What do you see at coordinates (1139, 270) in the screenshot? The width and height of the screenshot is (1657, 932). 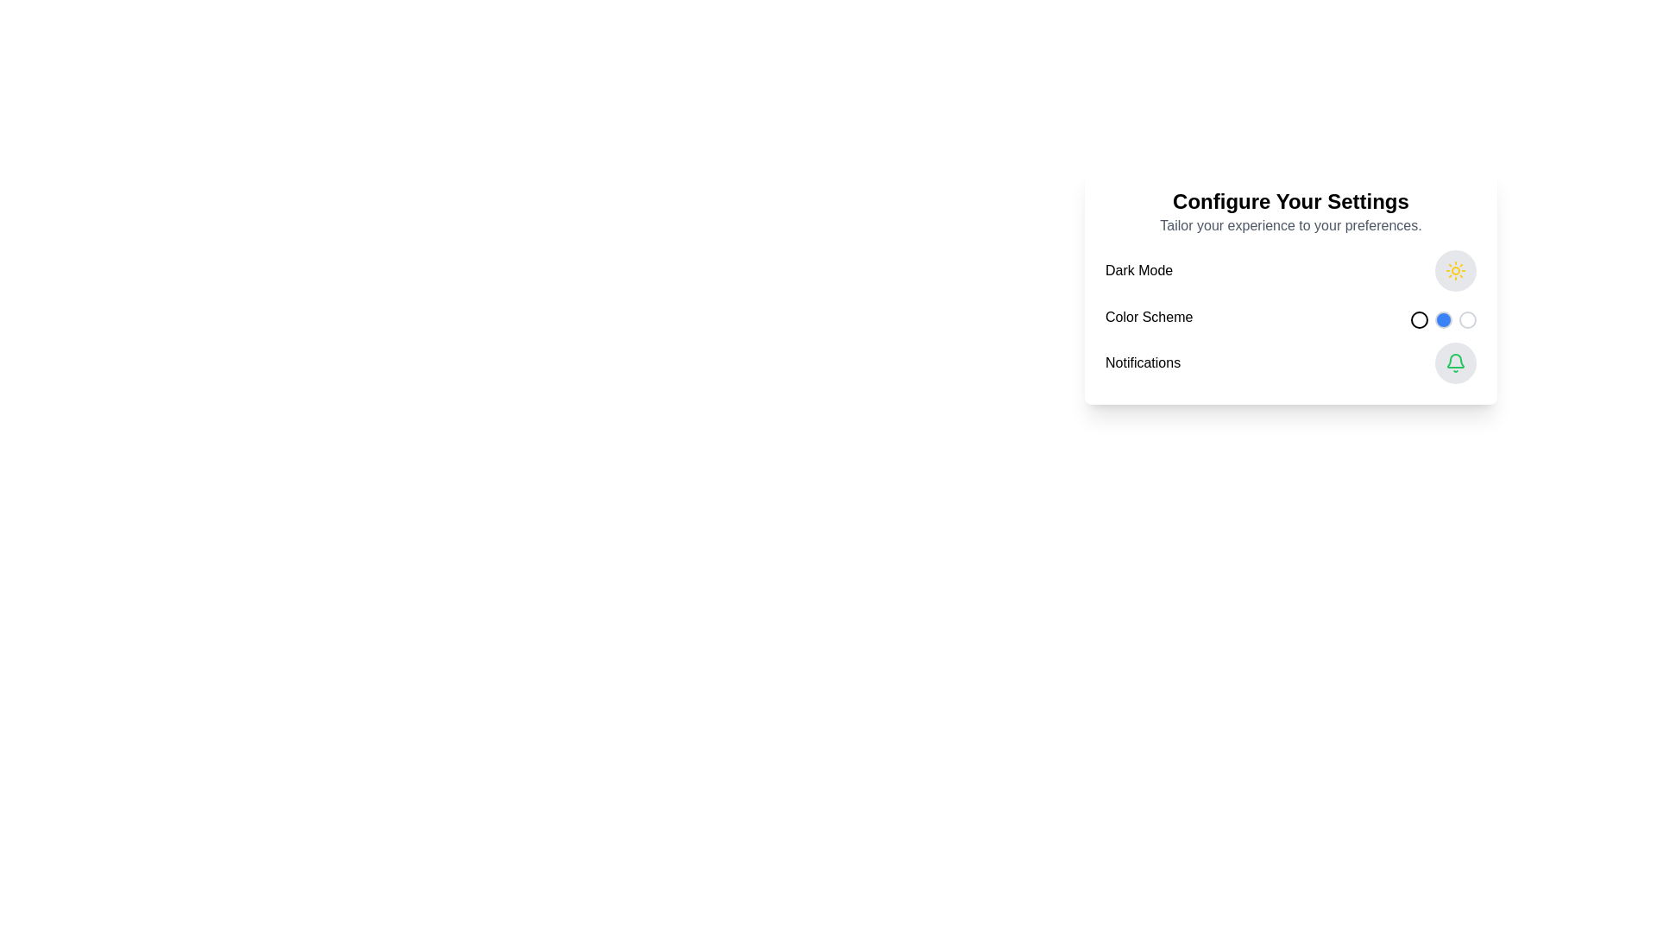 I see `the 'Dark Mode' text label element located in the settings configuration card, positioned above 'Color Scheme.'` at bounding box center [1139, 270].